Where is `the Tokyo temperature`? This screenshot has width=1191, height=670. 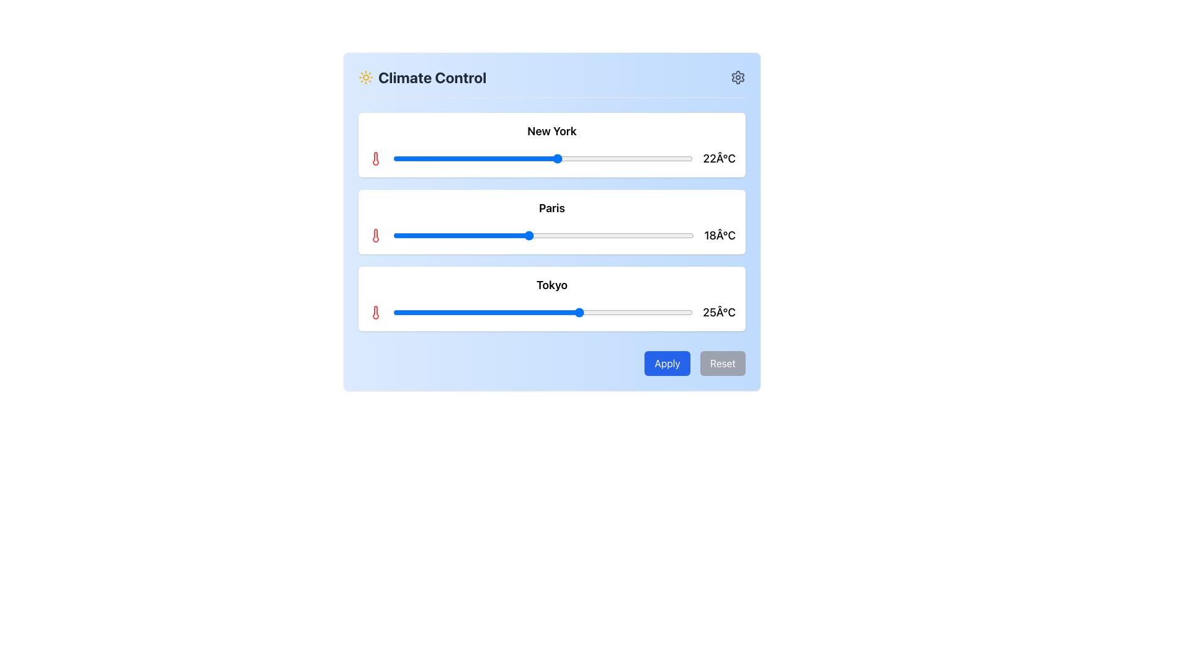
the Tokyo temperature is located at coordinates (685, 312).